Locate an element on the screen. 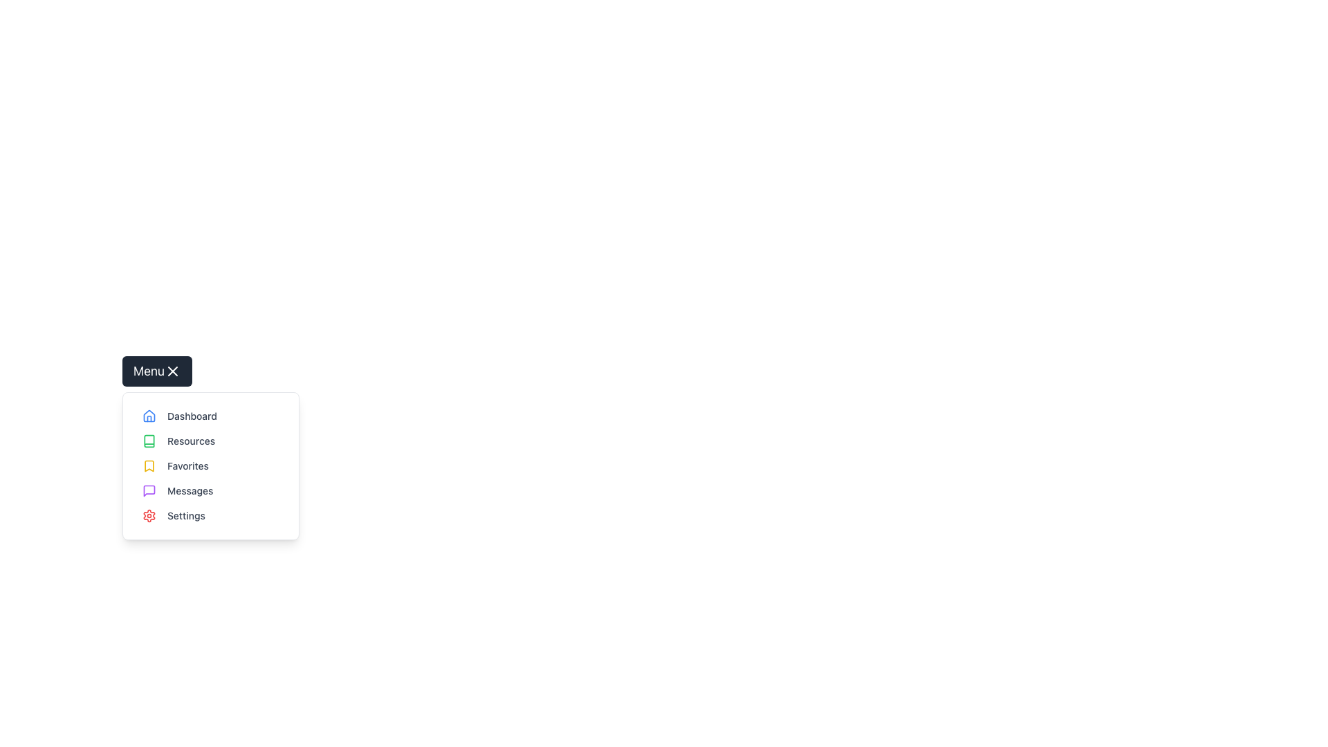 The height and width of the screenshot is (747, 1328). the bookmark icon with a yellow outline to the left of the 'Favorites' label is located at coordinates (149, 466).